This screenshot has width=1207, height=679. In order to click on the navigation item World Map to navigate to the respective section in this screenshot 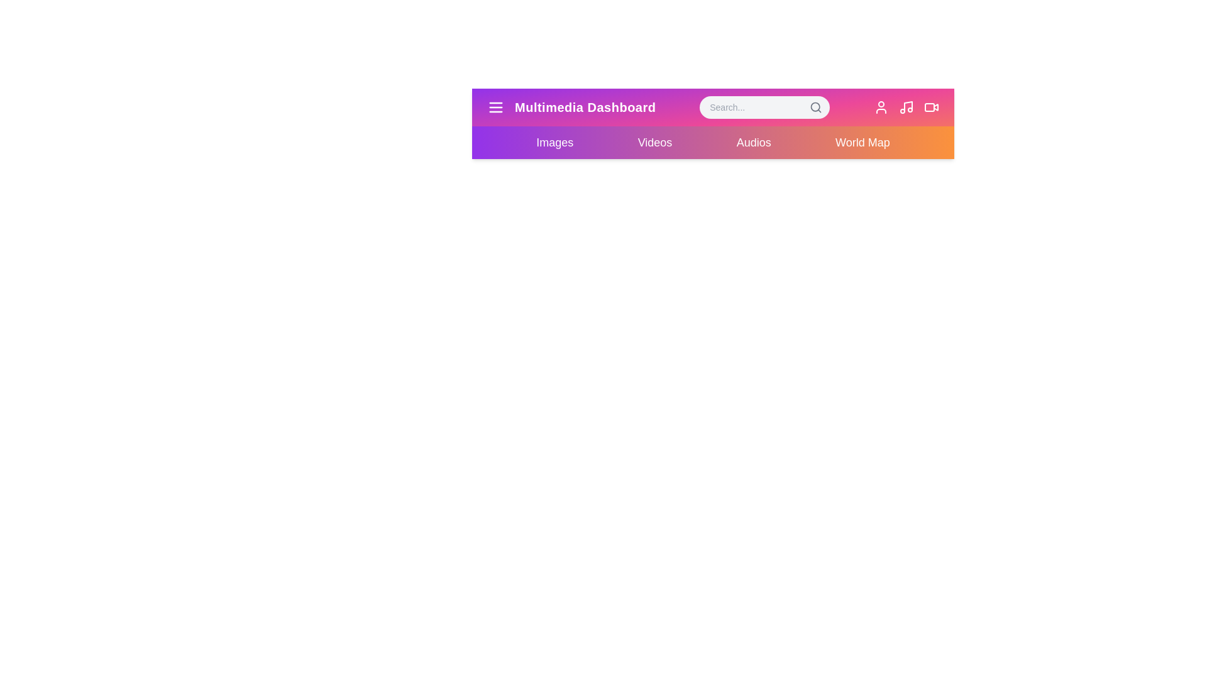, I will do `click(862, 142)`.